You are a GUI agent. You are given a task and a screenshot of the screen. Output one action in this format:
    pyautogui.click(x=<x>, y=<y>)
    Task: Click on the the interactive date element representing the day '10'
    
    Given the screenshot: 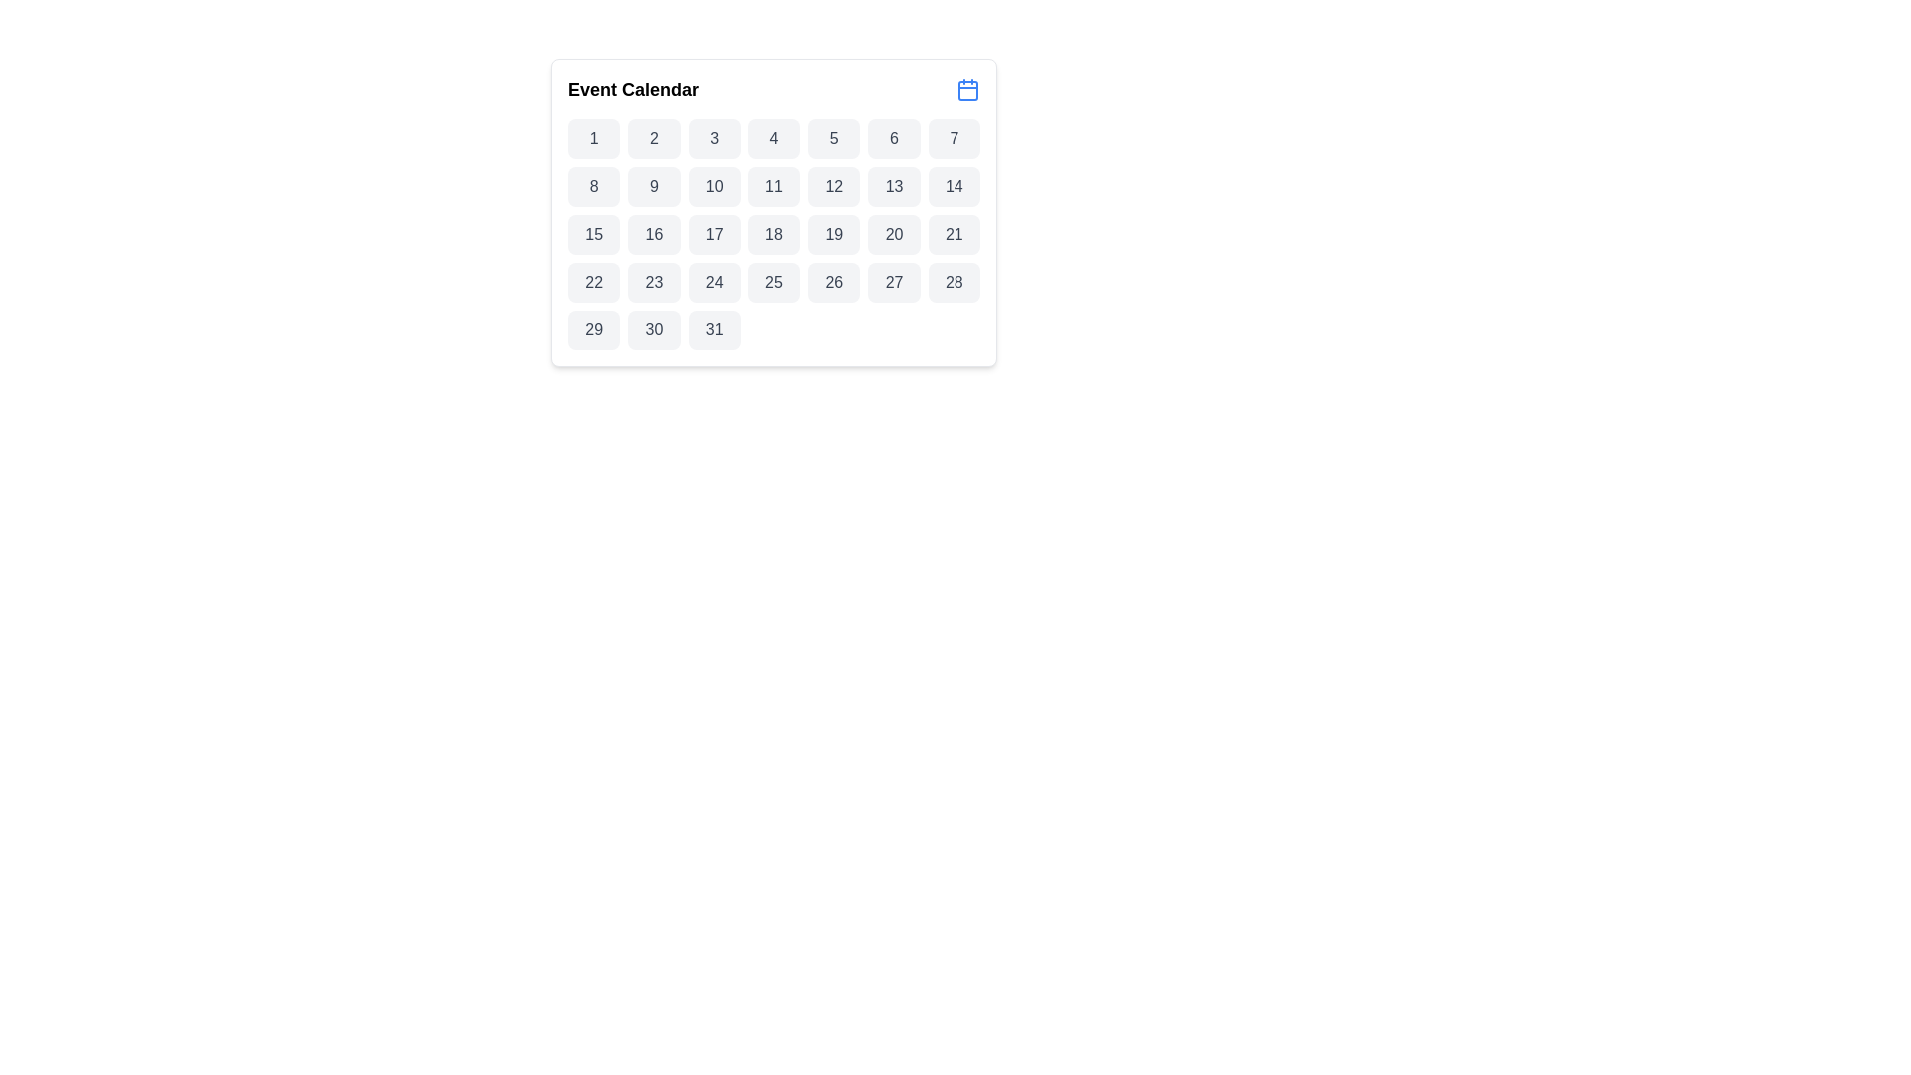 What is the action you would take?
    pyautogui.click(x=714, y=187)
    